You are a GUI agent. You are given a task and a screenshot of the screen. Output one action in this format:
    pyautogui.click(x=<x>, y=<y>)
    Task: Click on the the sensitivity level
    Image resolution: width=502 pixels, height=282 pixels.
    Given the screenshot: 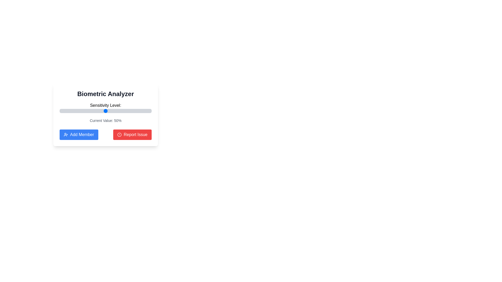 What is the action you would take?
    pyautogui.click(x=63, y=110)
    